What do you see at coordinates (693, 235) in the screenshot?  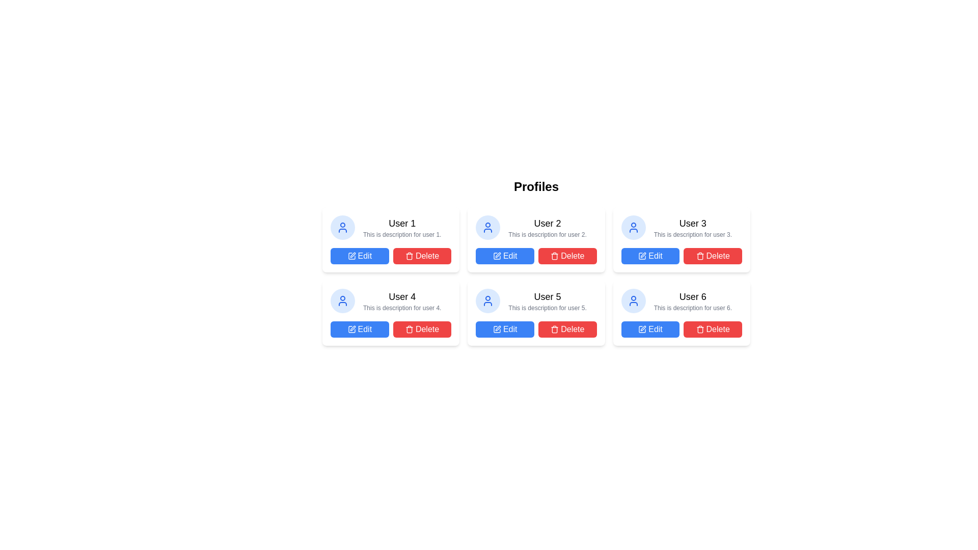 I see `the text label that contains 'This is description for user 3.' located below the title 'User 3' in the profile card at the top right corner of the profiles grid` at bounding box center [693, 235].